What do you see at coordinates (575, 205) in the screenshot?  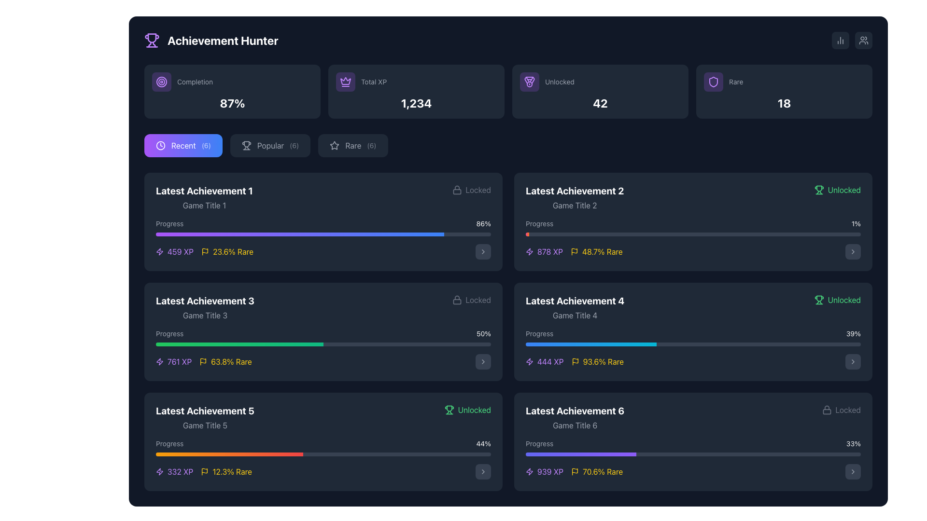 I see `the text element displaying 'Game Title 2', which is a smaller light gray subtitle located beneath 'Latest Achievement 2' in the right-hand column` at bounding box center [575, 205].